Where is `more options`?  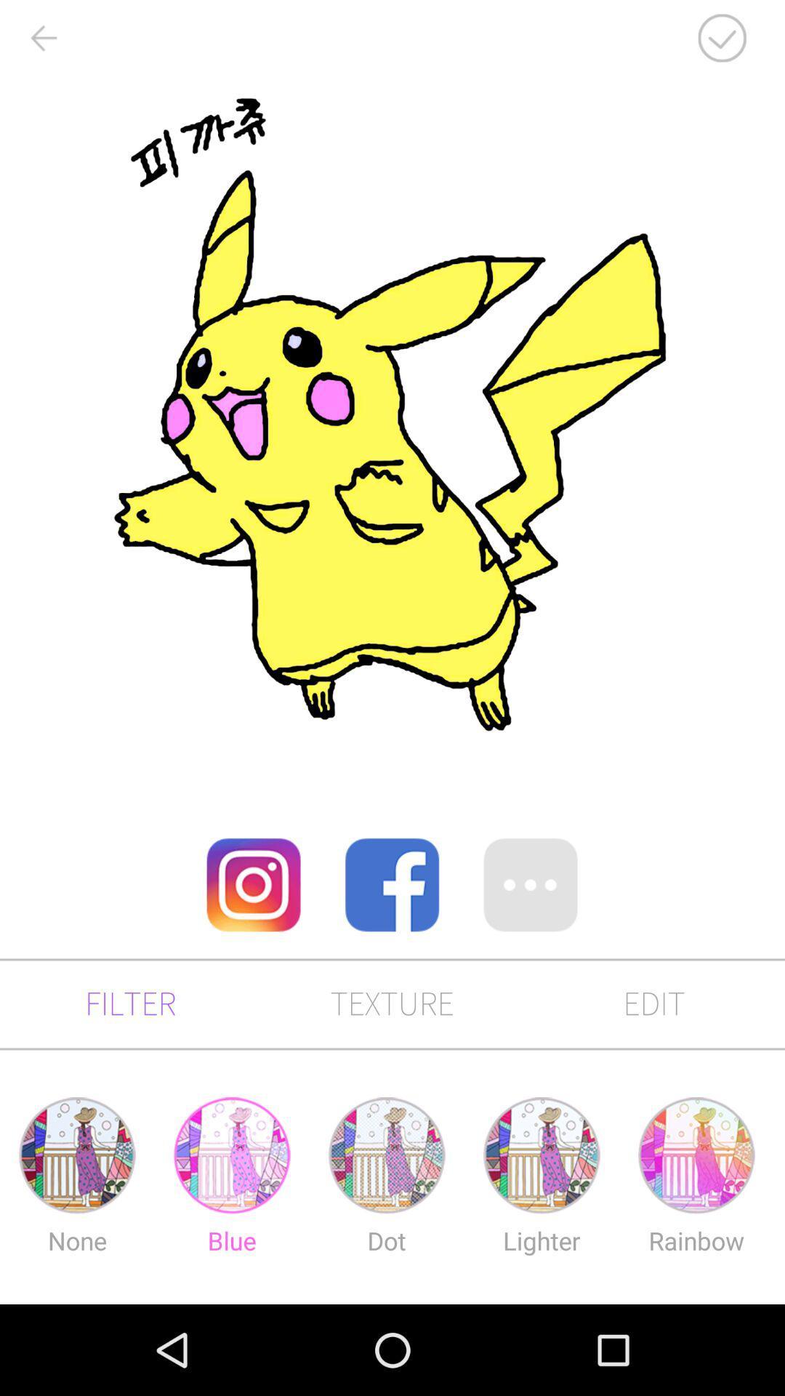 more options is located at coordinates (531, 884).